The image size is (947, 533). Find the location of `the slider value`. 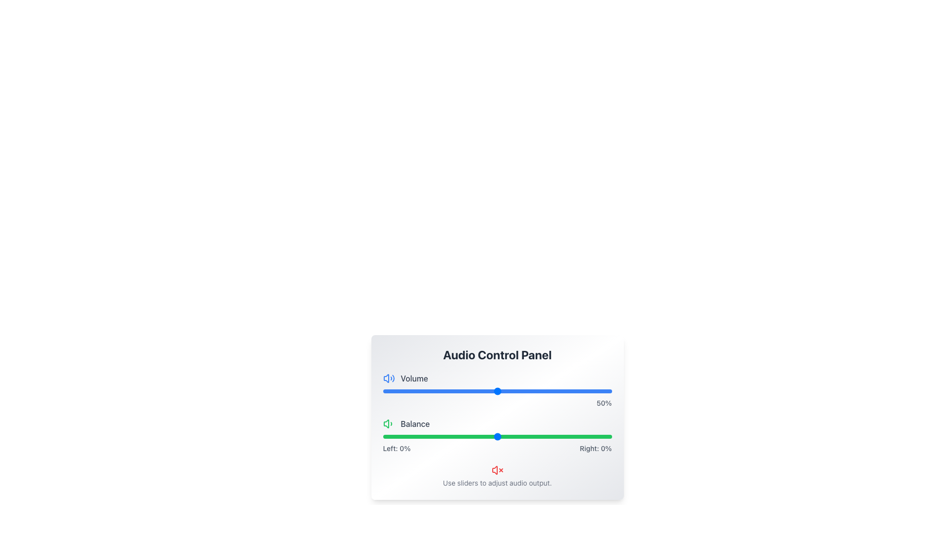

the slider value is located at coordinates (479, 391).